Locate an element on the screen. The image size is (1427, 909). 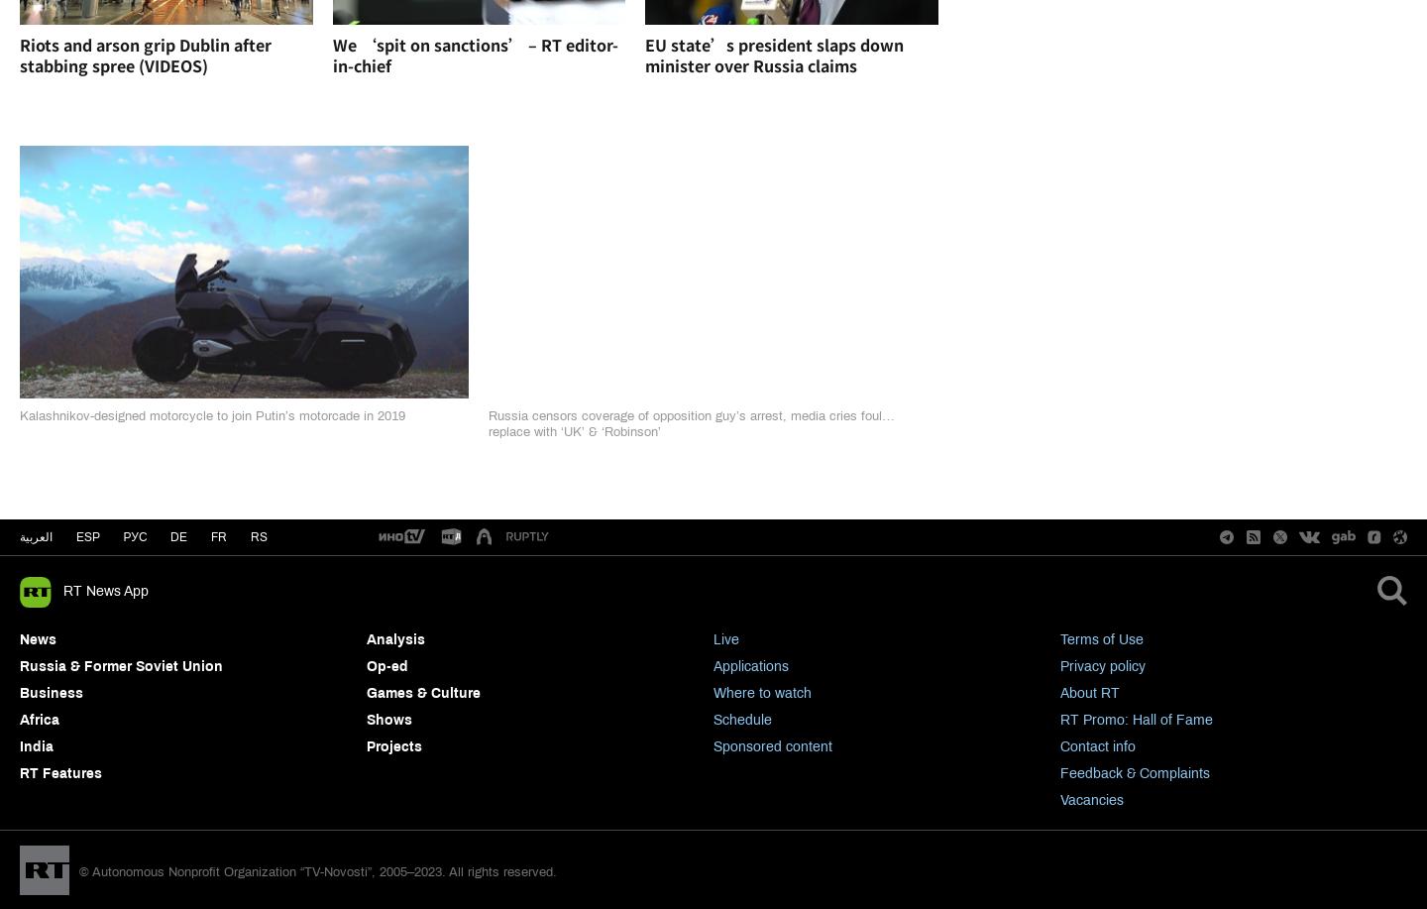
'Where to watch' is located at coordinates (761, 693).